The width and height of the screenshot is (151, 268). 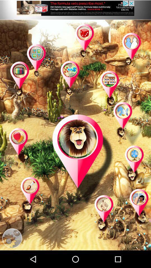 What do you see at coordinates (24, 150) in the screenshot?
I see `games` at bounding box center [24, 150].